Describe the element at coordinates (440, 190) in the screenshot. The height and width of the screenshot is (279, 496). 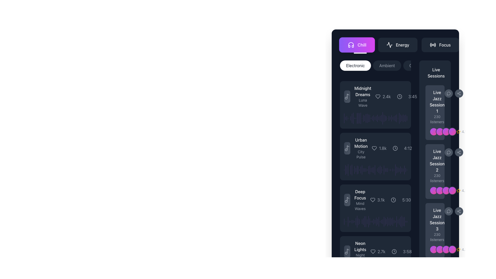
I see `the second circular Avatar or Profile Icon with a gradient fill transitioning from purple to pink, located next to the 'Live Jazz Session 2' label` at that location.